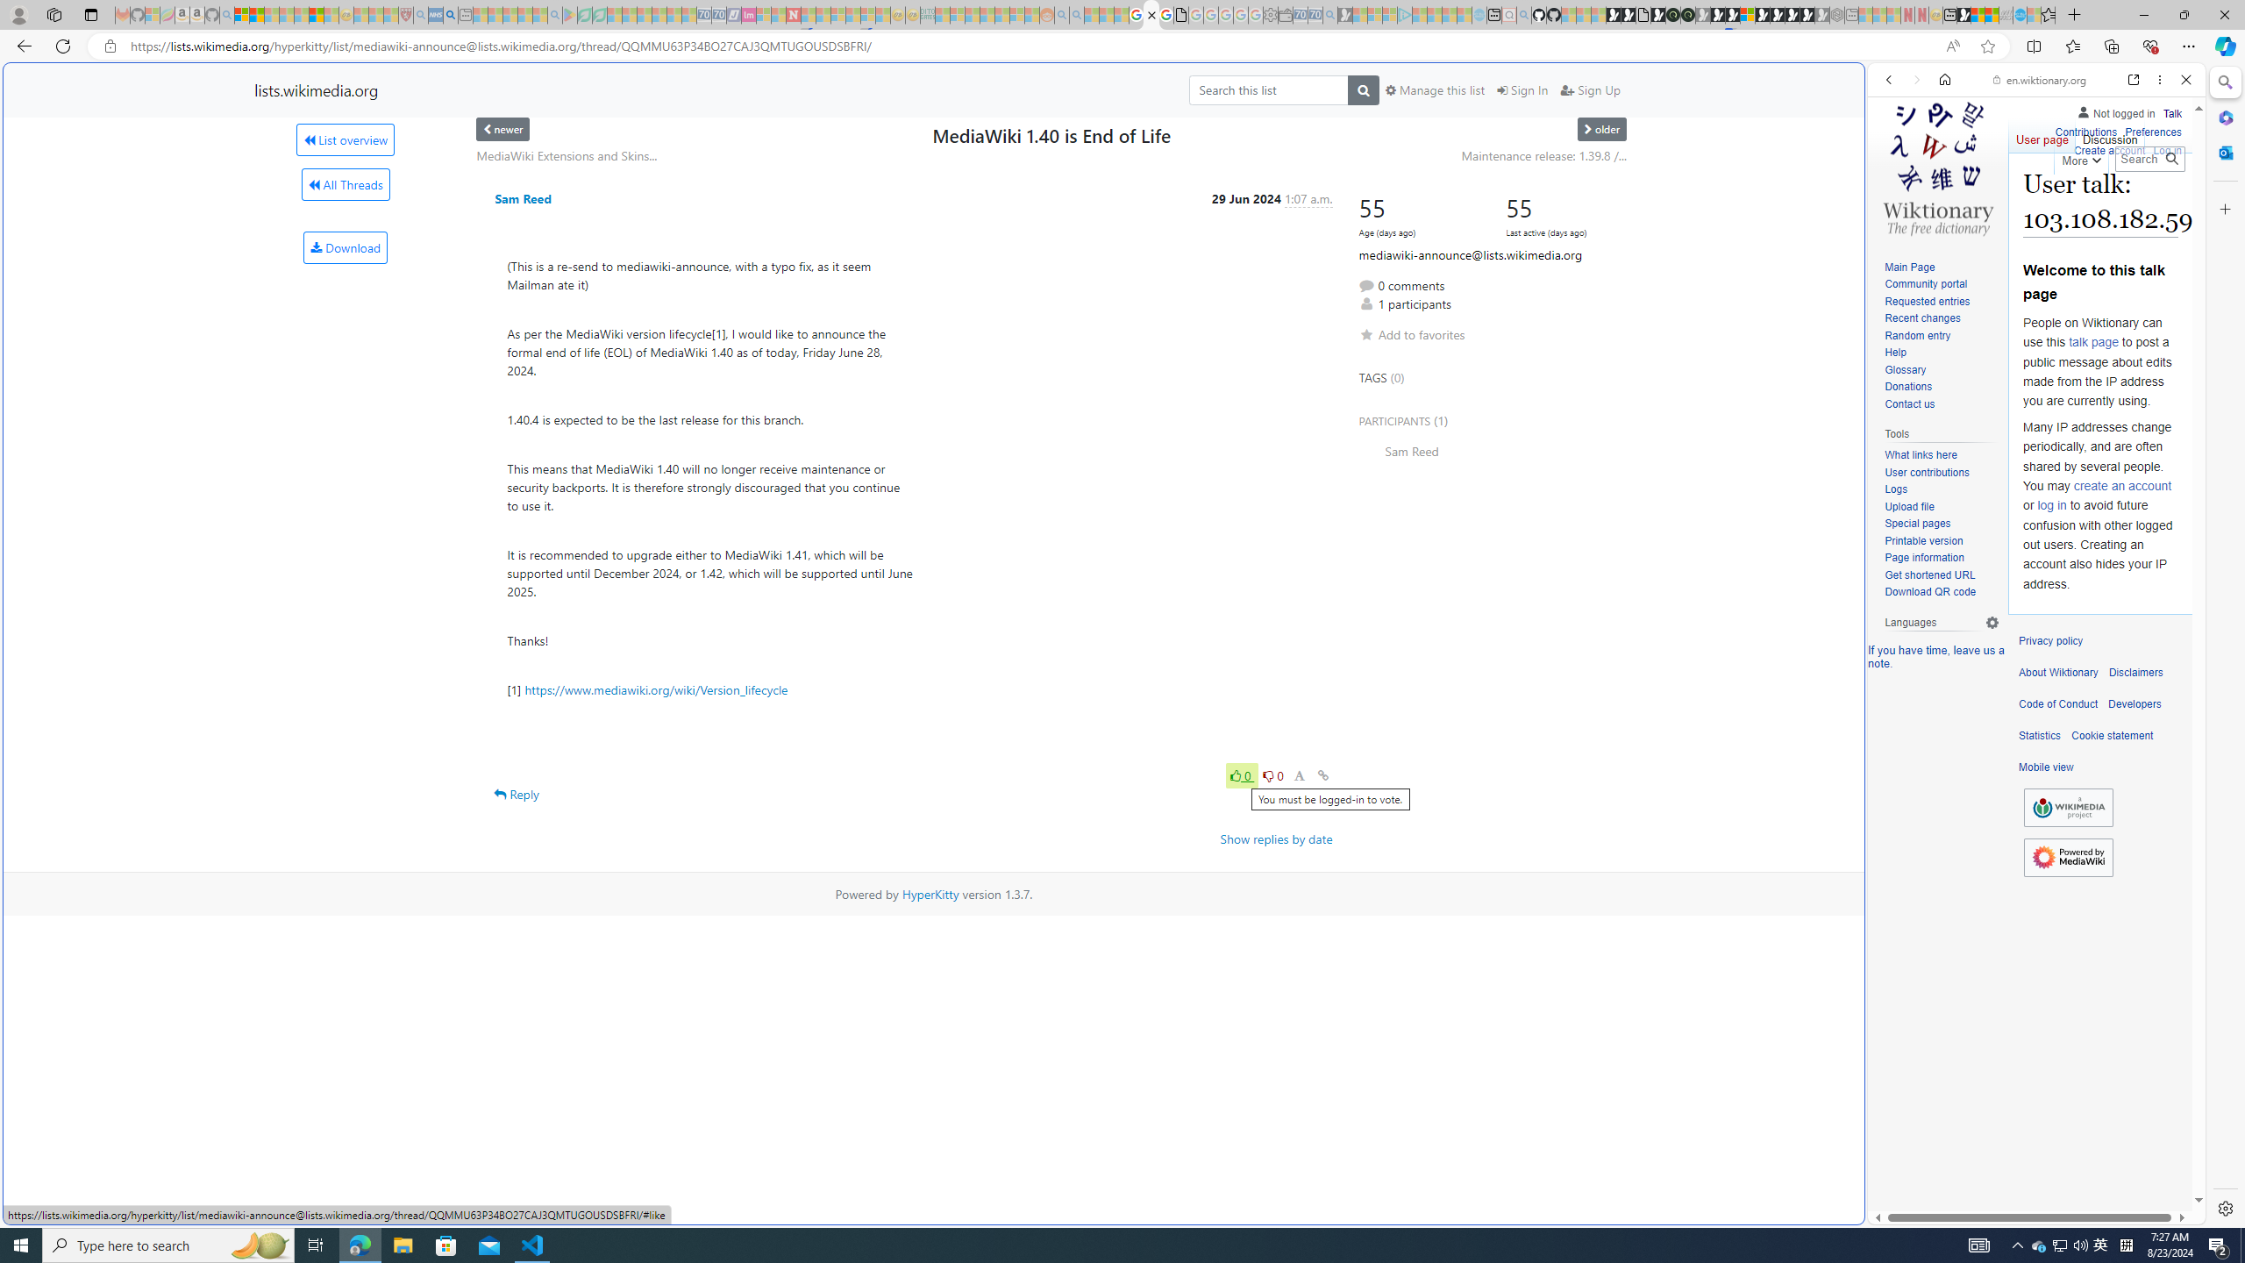  I want to click on 'Contributions', so click(2085, 132).